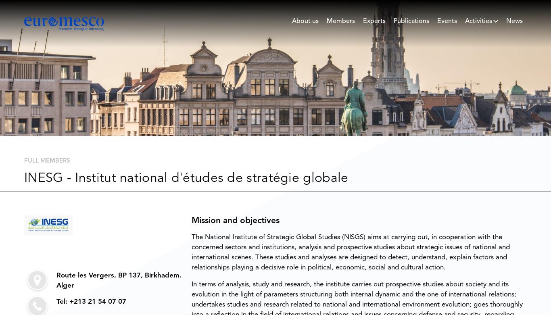  Describe the element at coordinates (514, 21) in the screenshot. I see `'News'` at that location.